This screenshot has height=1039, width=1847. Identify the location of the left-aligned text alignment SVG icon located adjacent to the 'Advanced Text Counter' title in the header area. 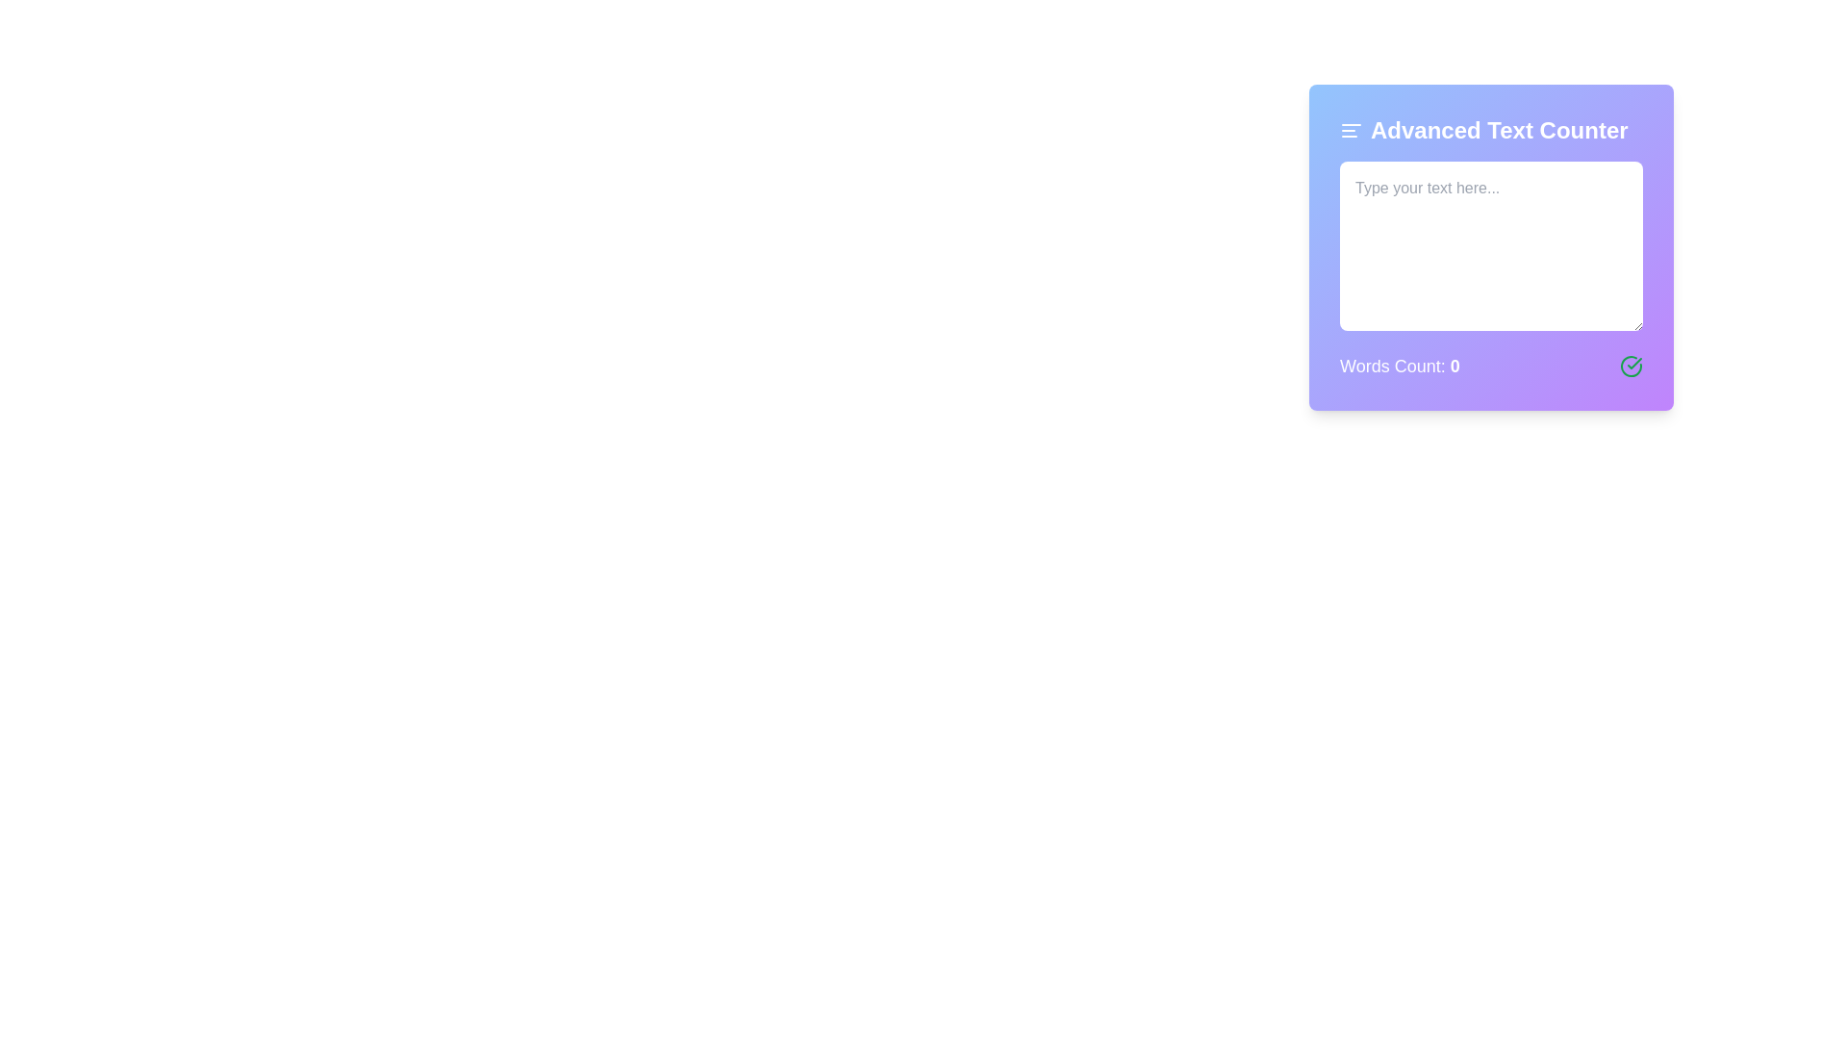
(1351, 130).